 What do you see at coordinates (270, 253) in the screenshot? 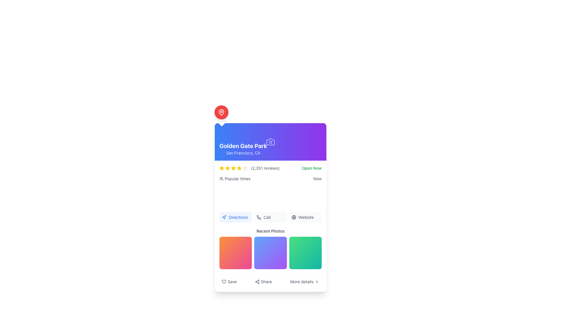
I see `the middle interactive tile with a gradient background transitioning from blue to purple` at bounding box center [270, 253].